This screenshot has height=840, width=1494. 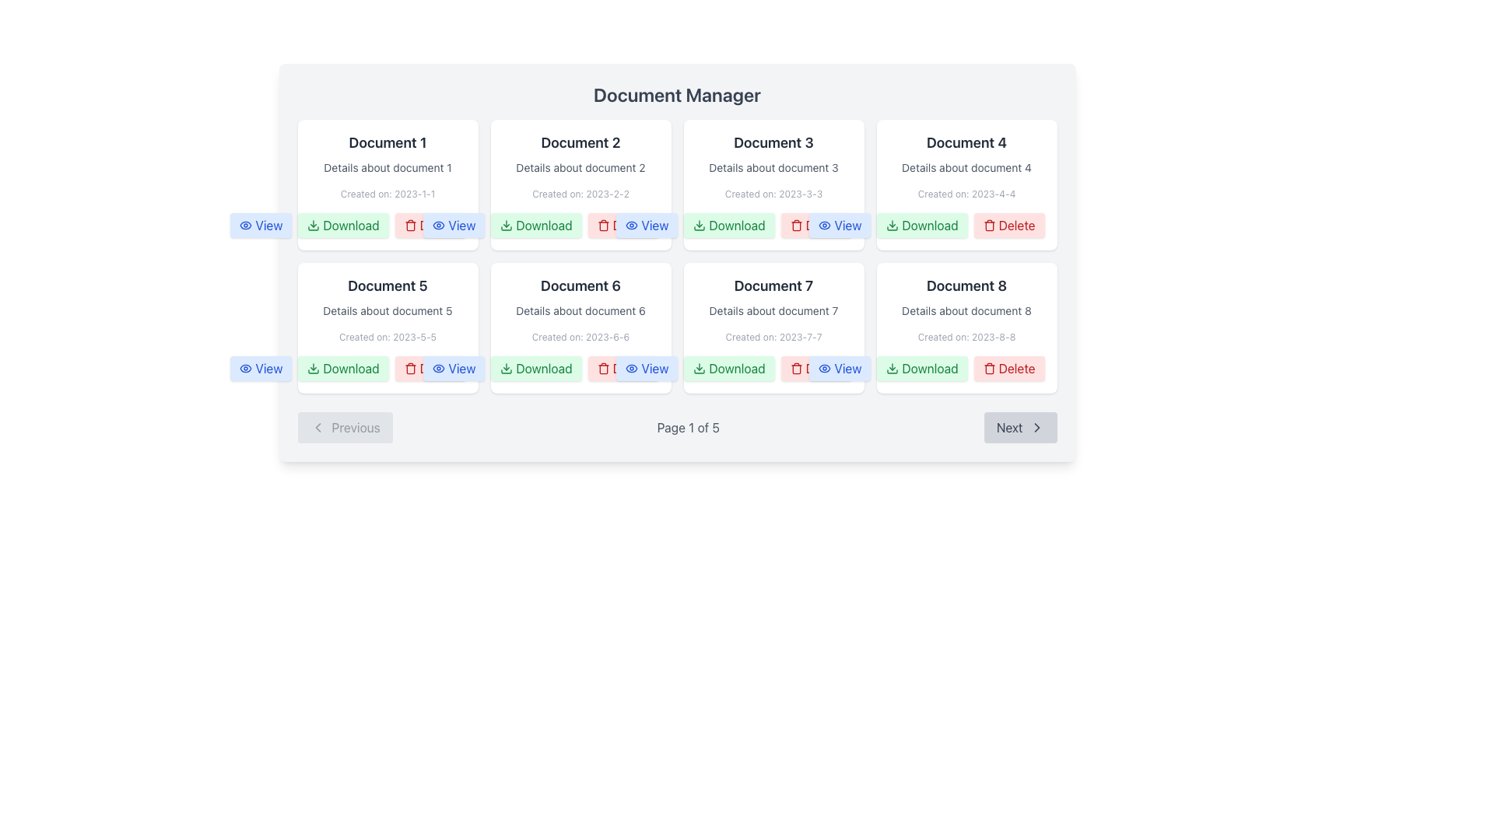 I want to click on the text heading labeled 'Document 2', which is styled in bold and dark gray, located in the second document card of the grid layout, so click(x=580, y=143).